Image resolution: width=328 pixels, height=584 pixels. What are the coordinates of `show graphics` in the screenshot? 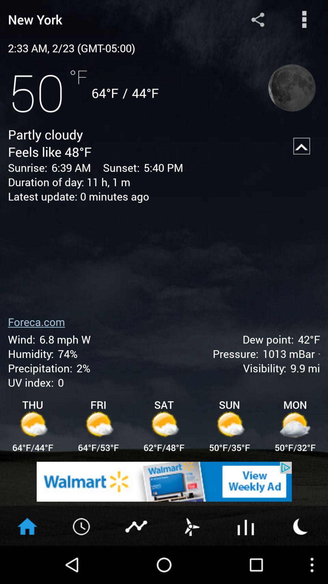 It's located at (137, 526).